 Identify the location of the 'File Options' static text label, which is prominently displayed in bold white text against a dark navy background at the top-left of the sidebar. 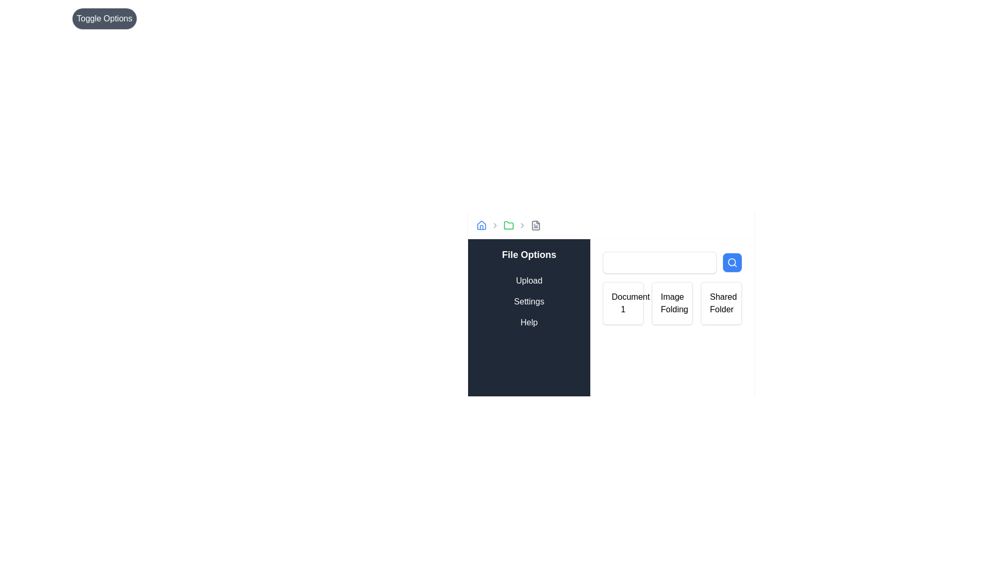
(529, 255).